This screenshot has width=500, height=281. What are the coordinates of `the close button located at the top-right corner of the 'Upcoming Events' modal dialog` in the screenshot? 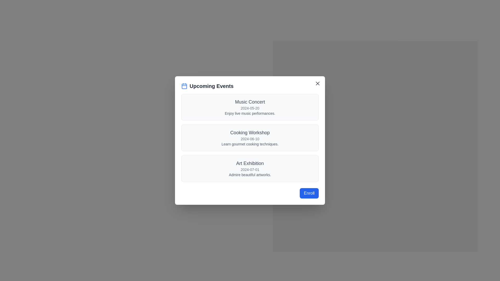 It's located at (317, 83).